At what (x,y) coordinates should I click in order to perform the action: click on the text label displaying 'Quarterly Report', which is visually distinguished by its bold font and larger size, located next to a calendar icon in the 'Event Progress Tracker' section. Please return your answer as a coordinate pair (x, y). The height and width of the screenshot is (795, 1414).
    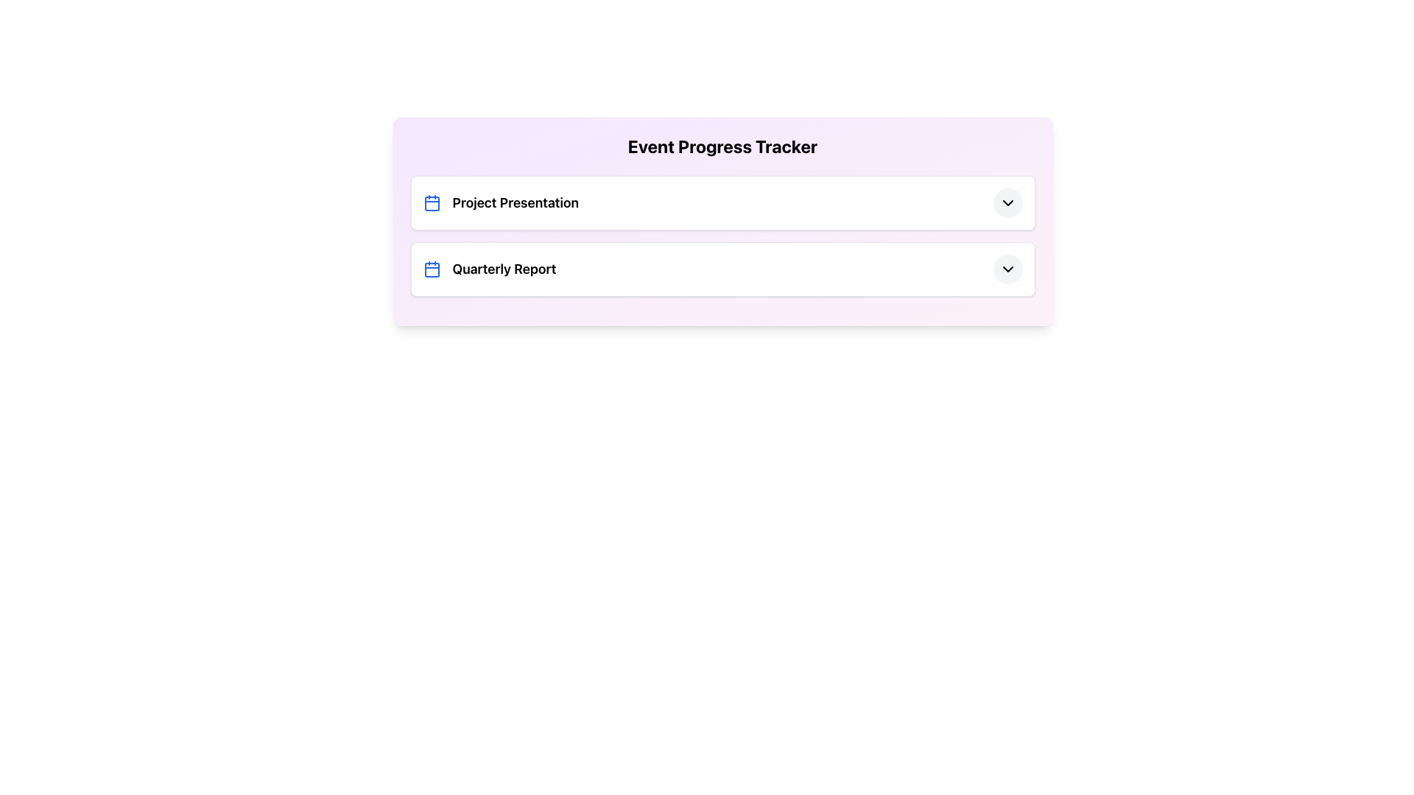
    Looking at the image, I should click on (504, 269).